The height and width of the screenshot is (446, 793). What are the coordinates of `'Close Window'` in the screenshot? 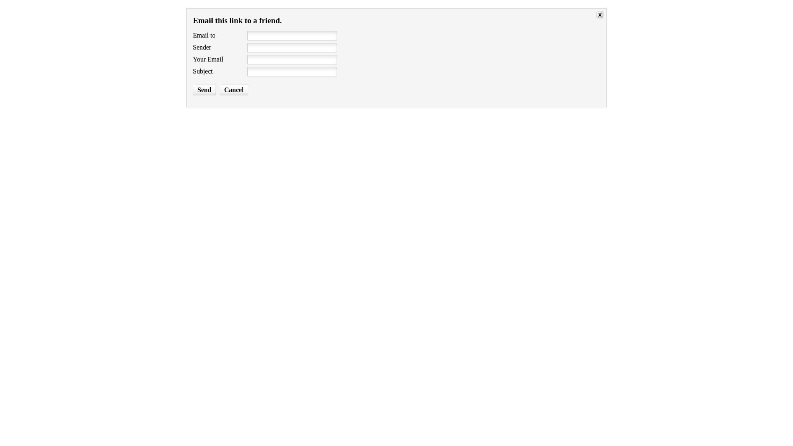 It's located at (601, 16).